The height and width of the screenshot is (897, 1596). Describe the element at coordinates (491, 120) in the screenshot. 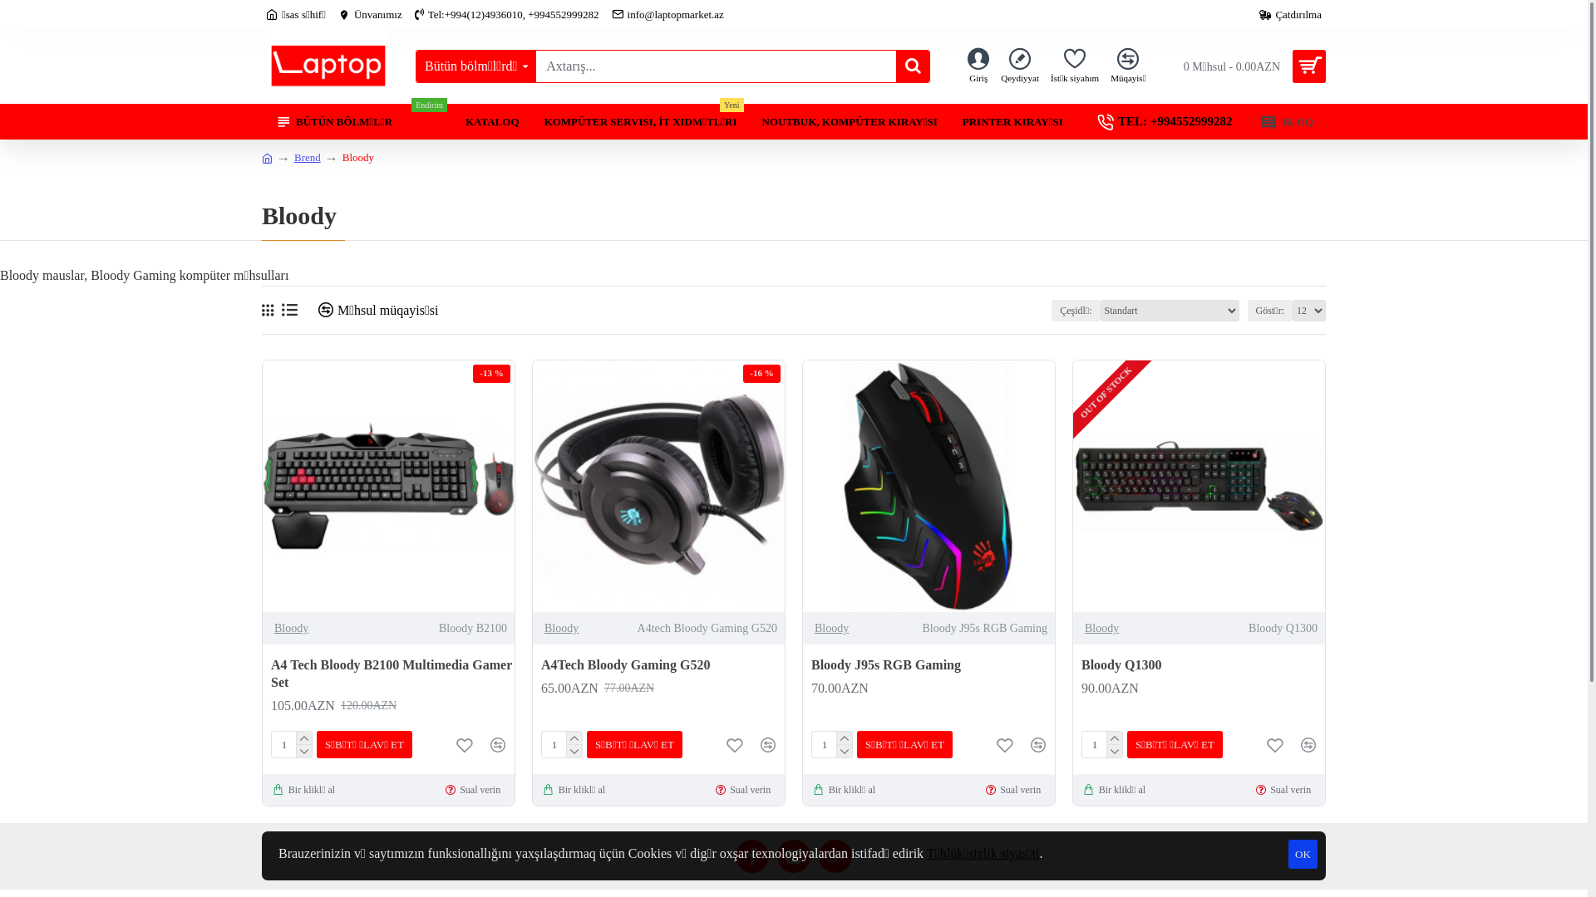

I see `'KATALOQ'` at that location.